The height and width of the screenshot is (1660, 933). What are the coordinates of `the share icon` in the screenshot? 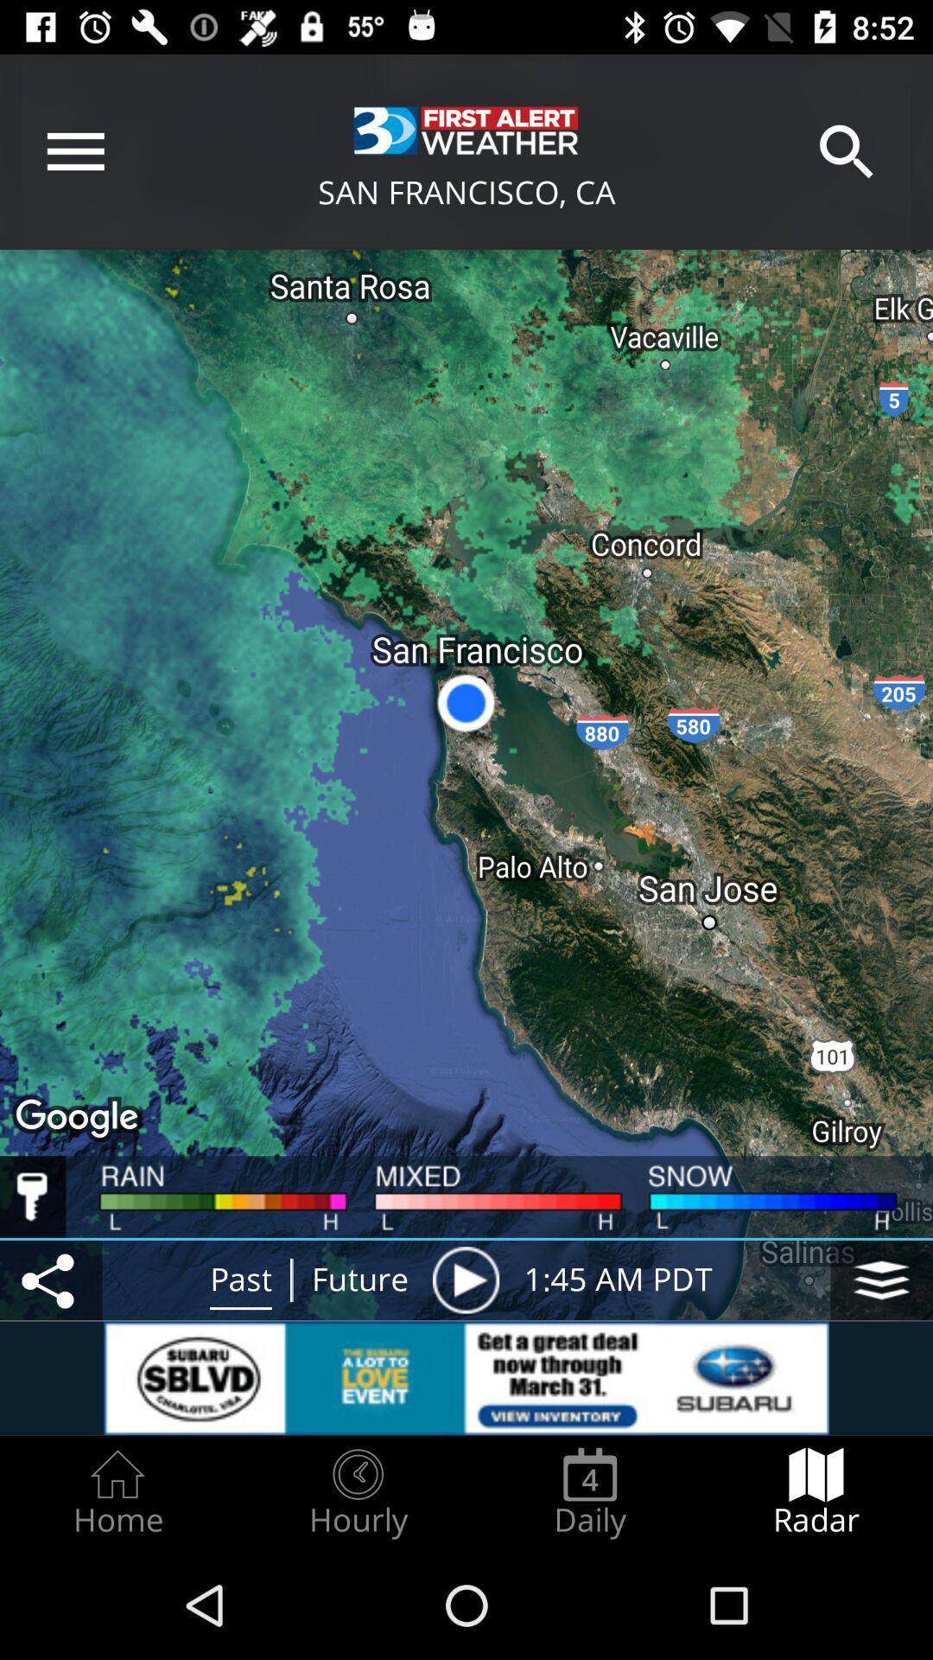 It's located at (50, 1280).